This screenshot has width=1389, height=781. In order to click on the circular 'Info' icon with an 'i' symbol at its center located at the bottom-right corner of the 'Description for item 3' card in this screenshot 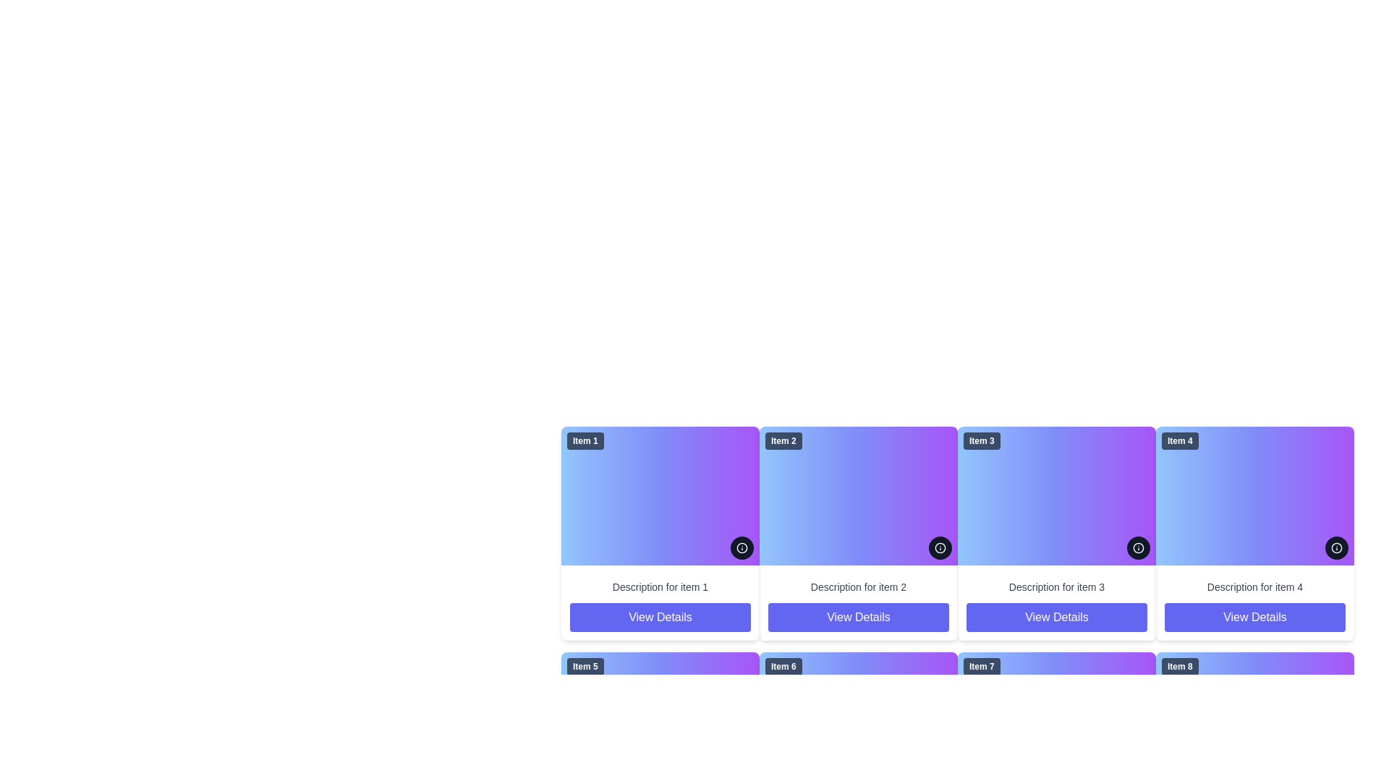, I will do `click(1138, 548)`.